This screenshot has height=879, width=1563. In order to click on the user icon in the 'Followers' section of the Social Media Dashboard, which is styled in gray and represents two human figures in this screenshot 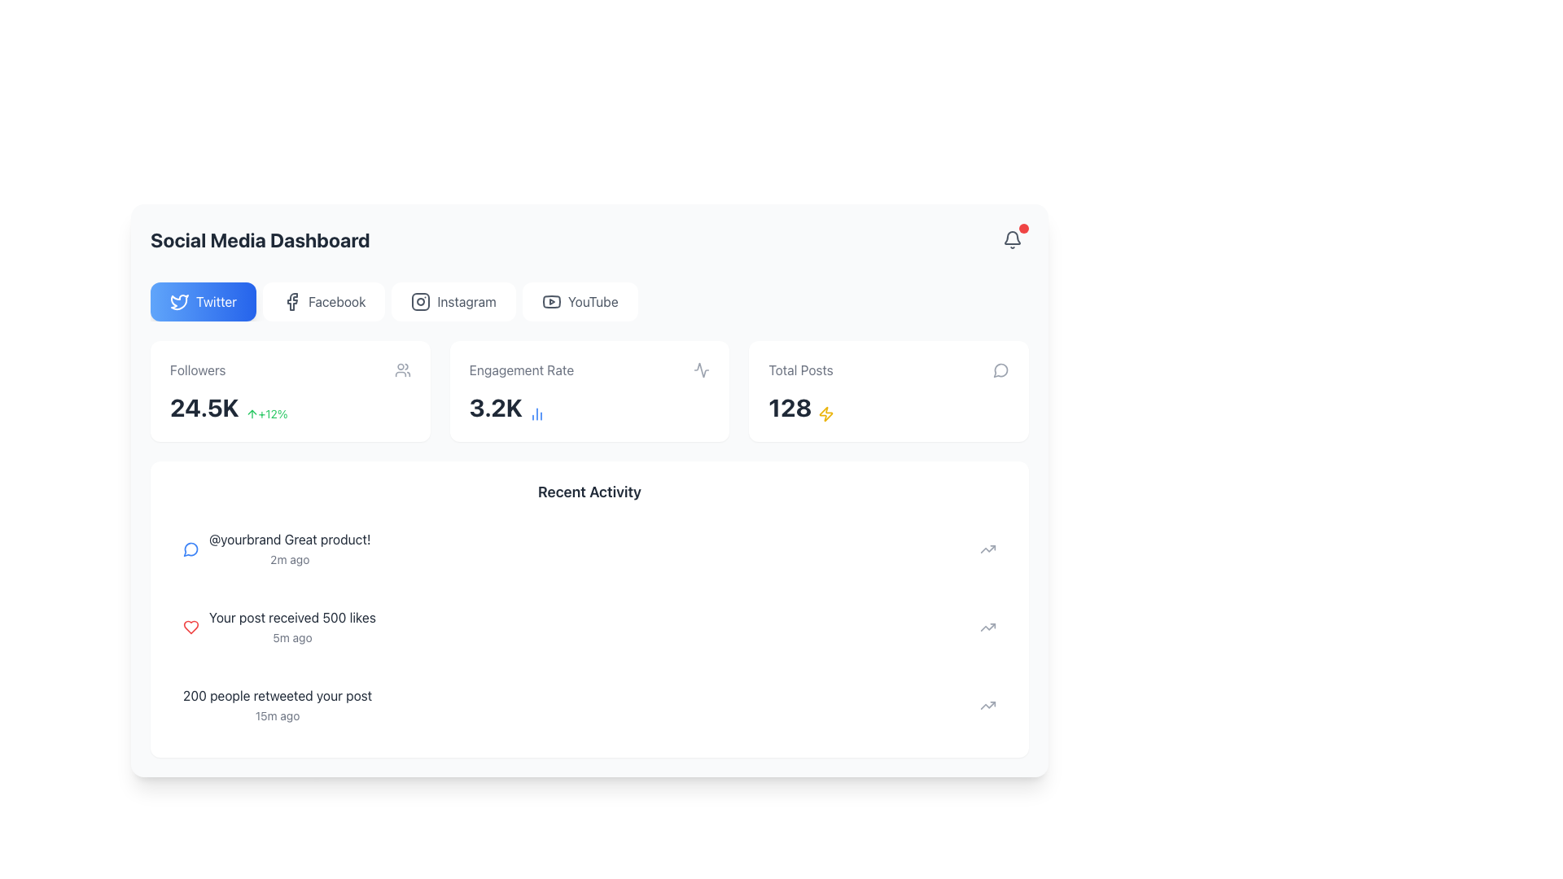, I will do `click(402, 370)`.